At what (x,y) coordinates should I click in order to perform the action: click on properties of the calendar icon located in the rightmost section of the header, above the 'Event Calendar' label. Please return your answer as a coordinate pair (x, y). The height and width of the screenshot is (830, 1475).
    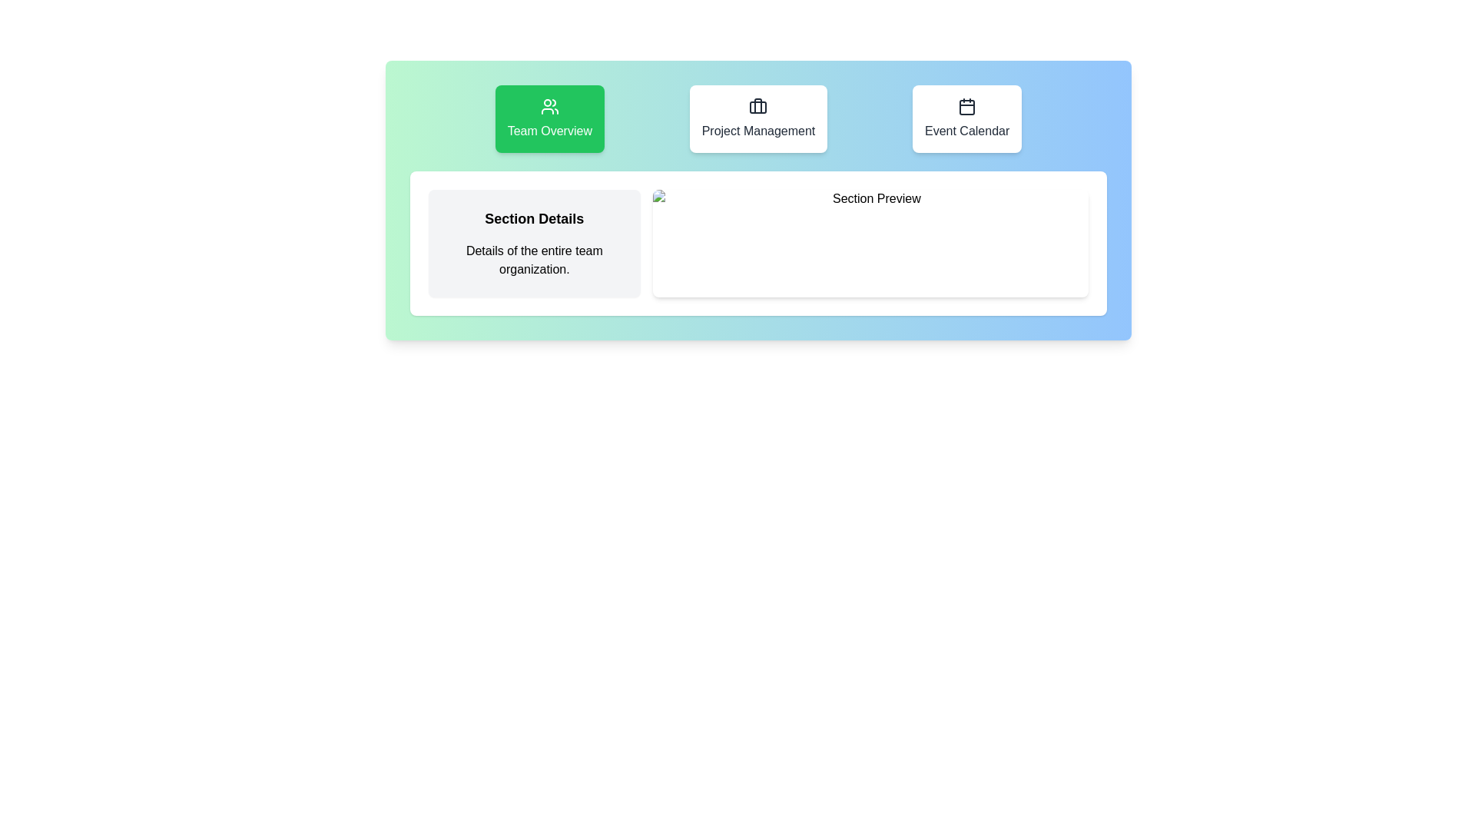
    Looking at the image, I should click on (966, 105).